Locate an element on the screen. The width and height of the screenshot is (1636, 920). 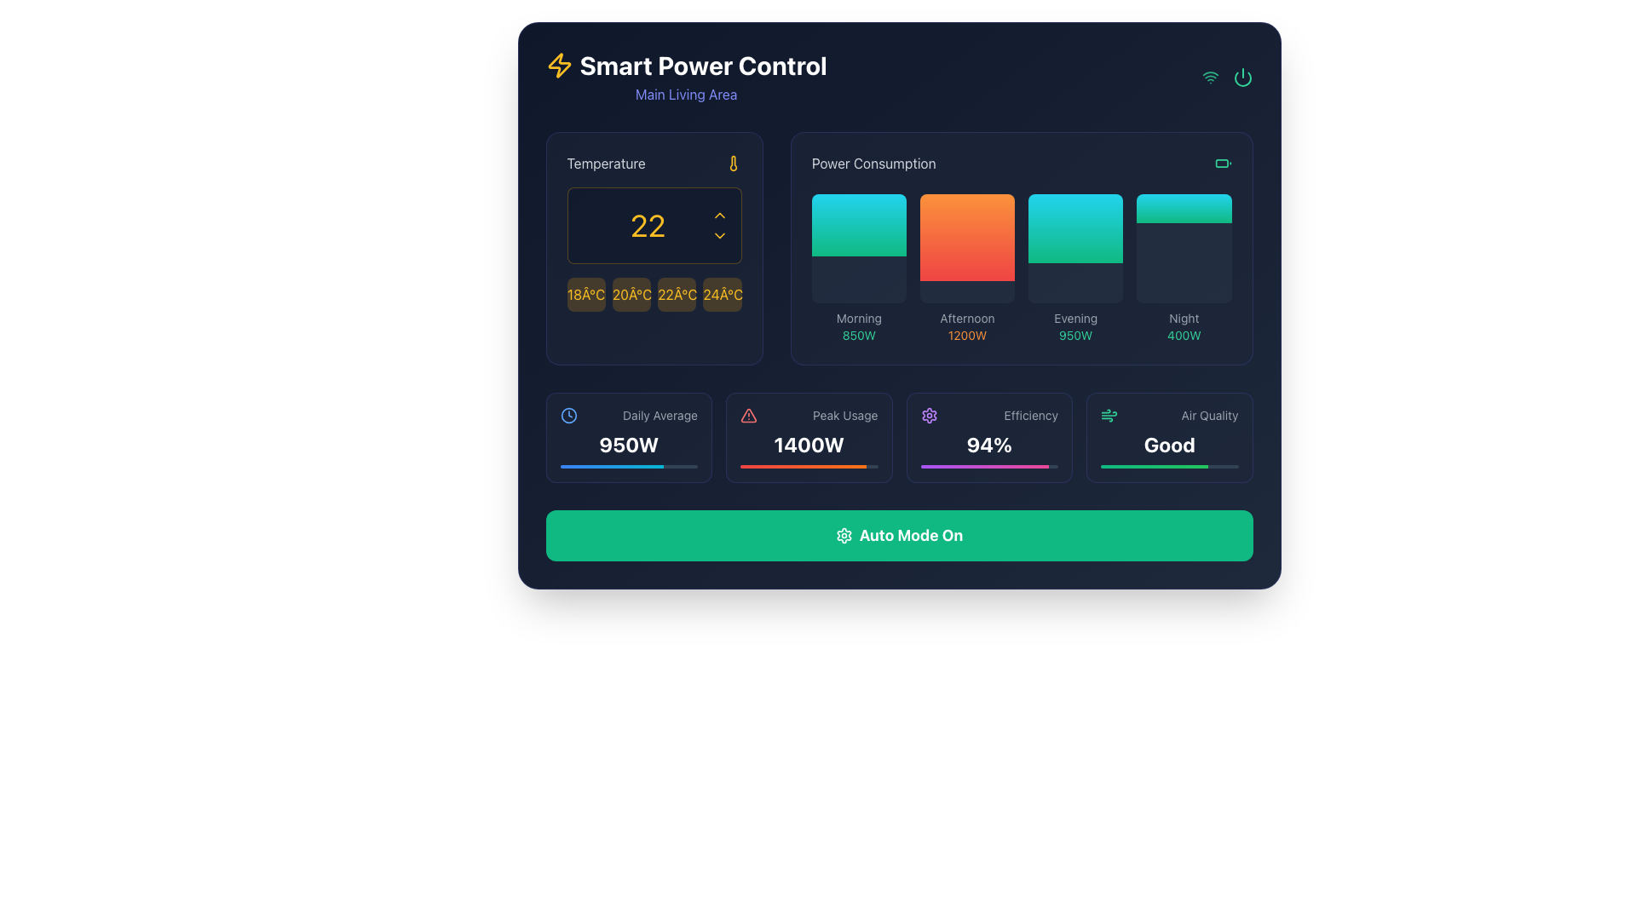
the decorative thermometer icon fragment located at the top left of the 'Temperature' section, which implies temperature measurement functionality is located at coordinates (733, 164).